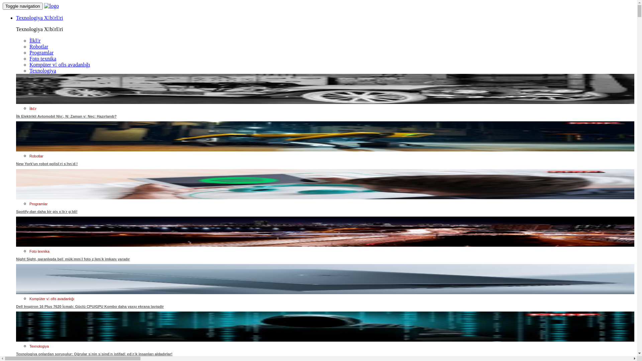 Image resolution: width=642 pixels, height=361 pixels. What do you see at coordinates (3, 6) in the screenshot?
I see `'Toggle navigation'` at bounding box center [3, 6].